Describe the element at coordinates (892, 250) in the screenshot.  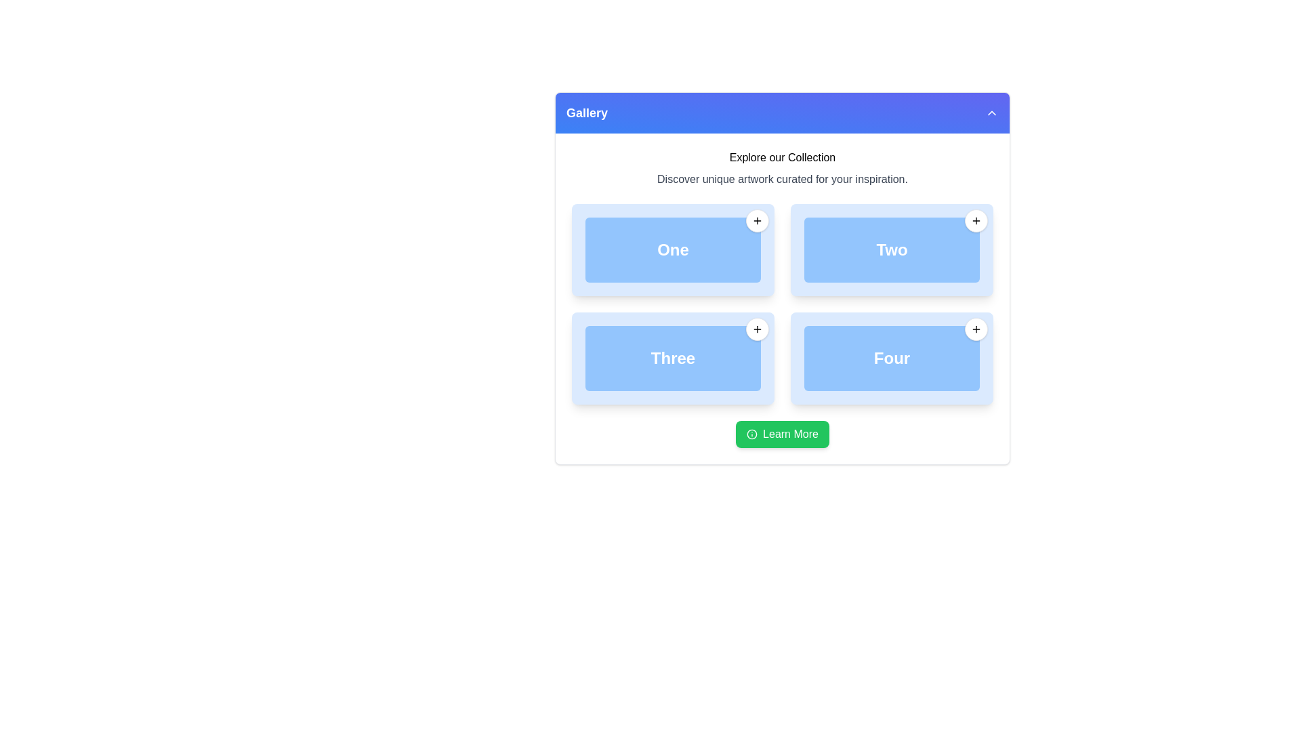
I see `text content of the label located in the top-right card of a 2x2 grid layout, which serves as a descriptor for the card` at that location.